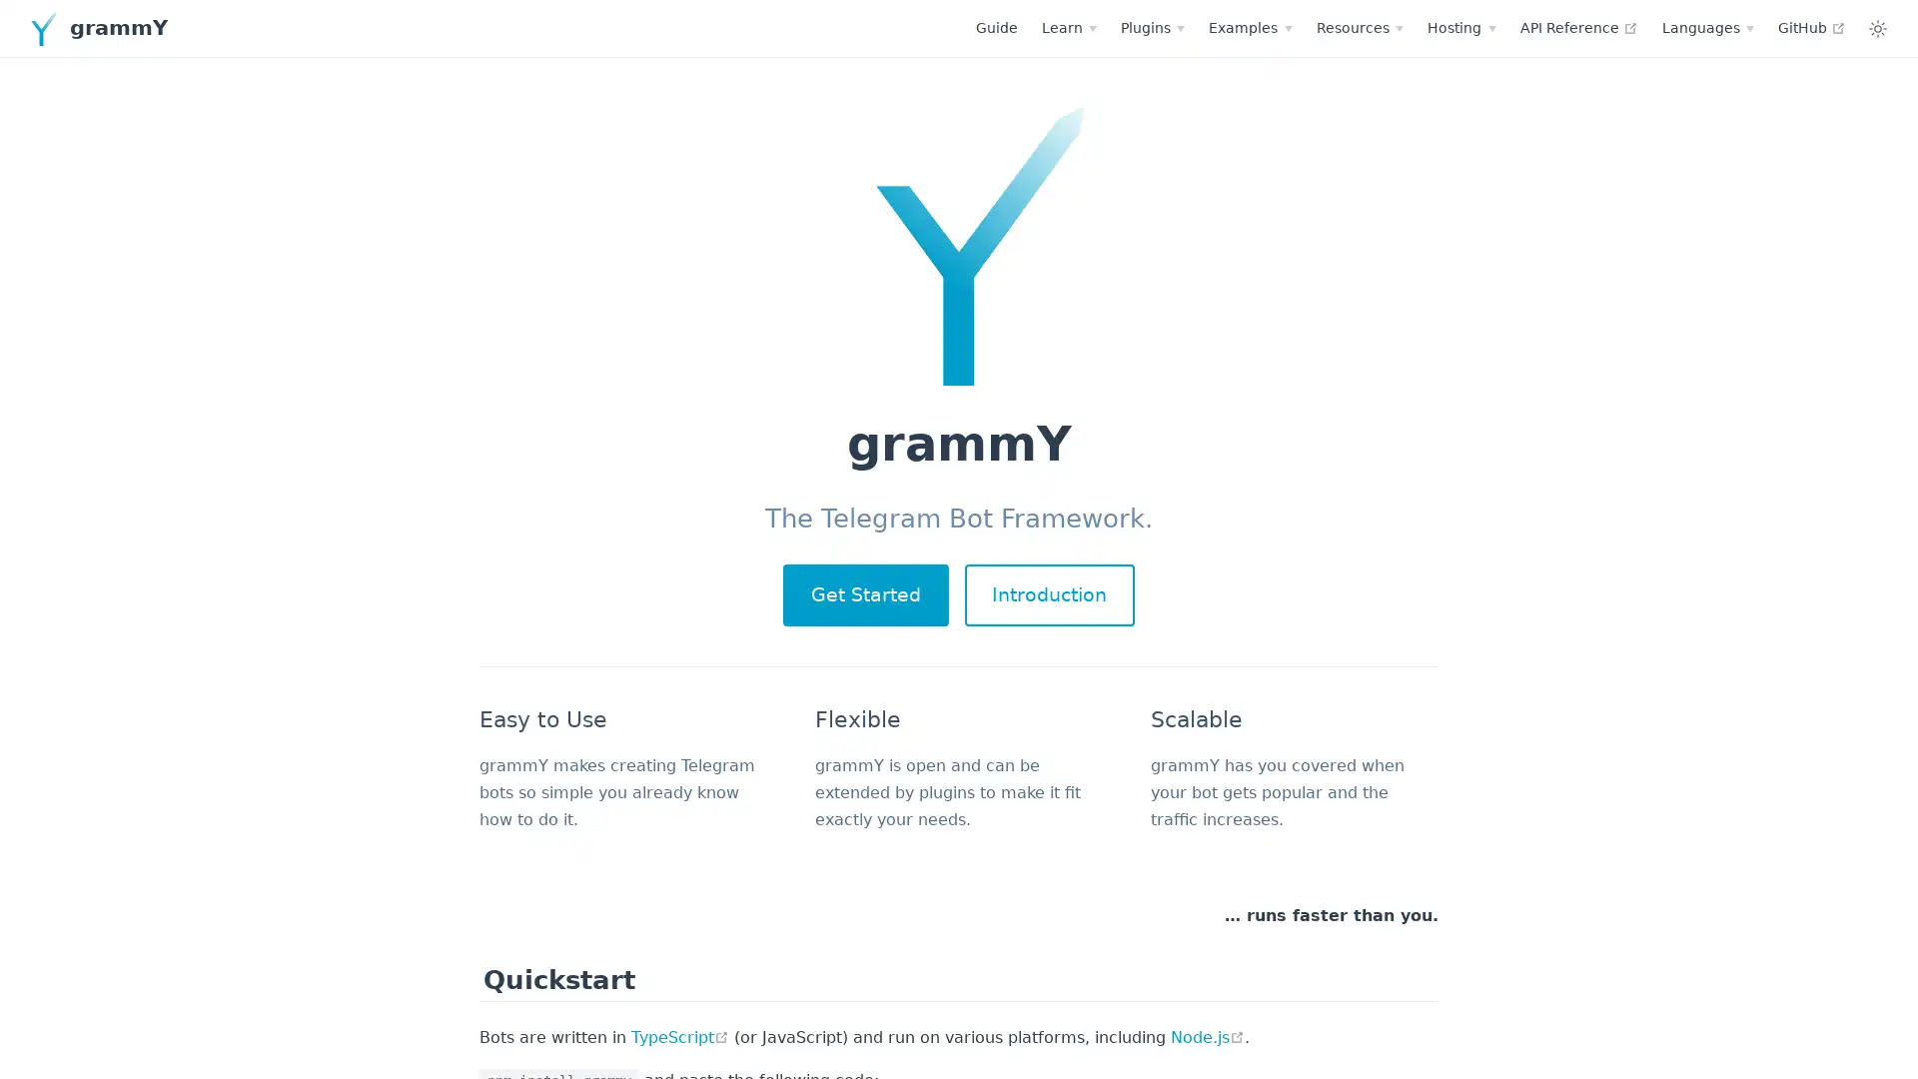 This screenshot has width=1918, height=1079. I want to click on Learn, so click(891, 27).